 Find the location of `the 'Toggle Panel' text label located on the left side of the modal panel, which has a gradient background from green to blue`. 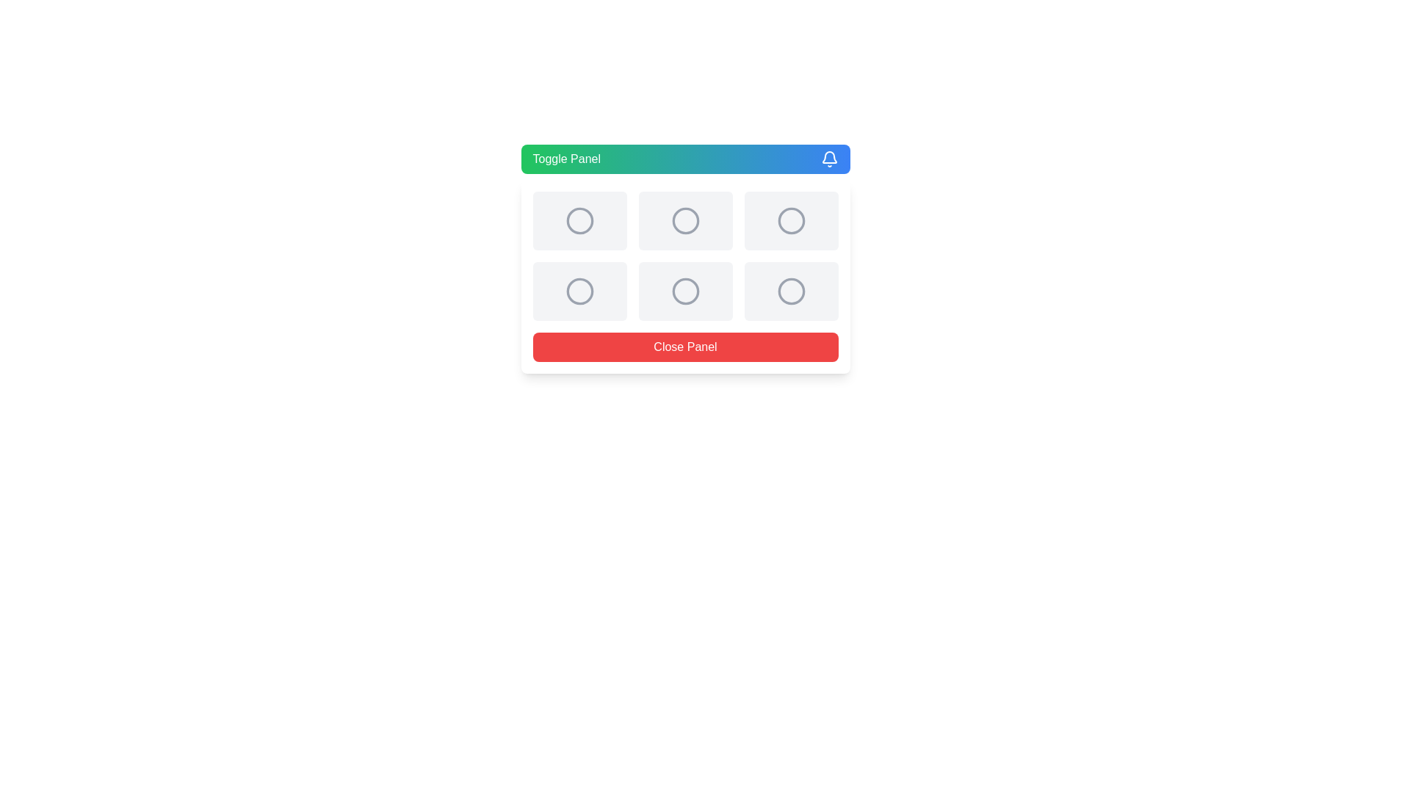

the 'Toggle Panel' text label located on the left side of the modal panel, which has a gradient background from green to blue is located at coordinates (565, 159).